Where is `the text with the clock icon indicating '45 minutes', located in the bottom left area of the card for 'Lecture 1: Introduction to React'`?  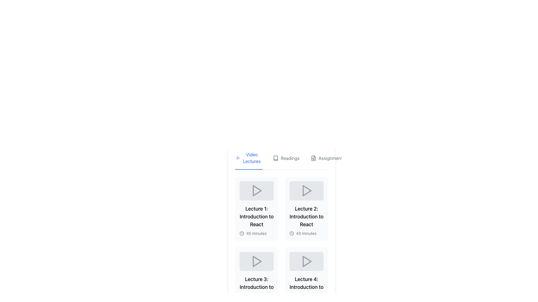 the text with the clock icon indicating '45 minutes', located in the bottom left area of the card for 'Lecture 1: Introduction to React' is located at coordinates (256, 233).